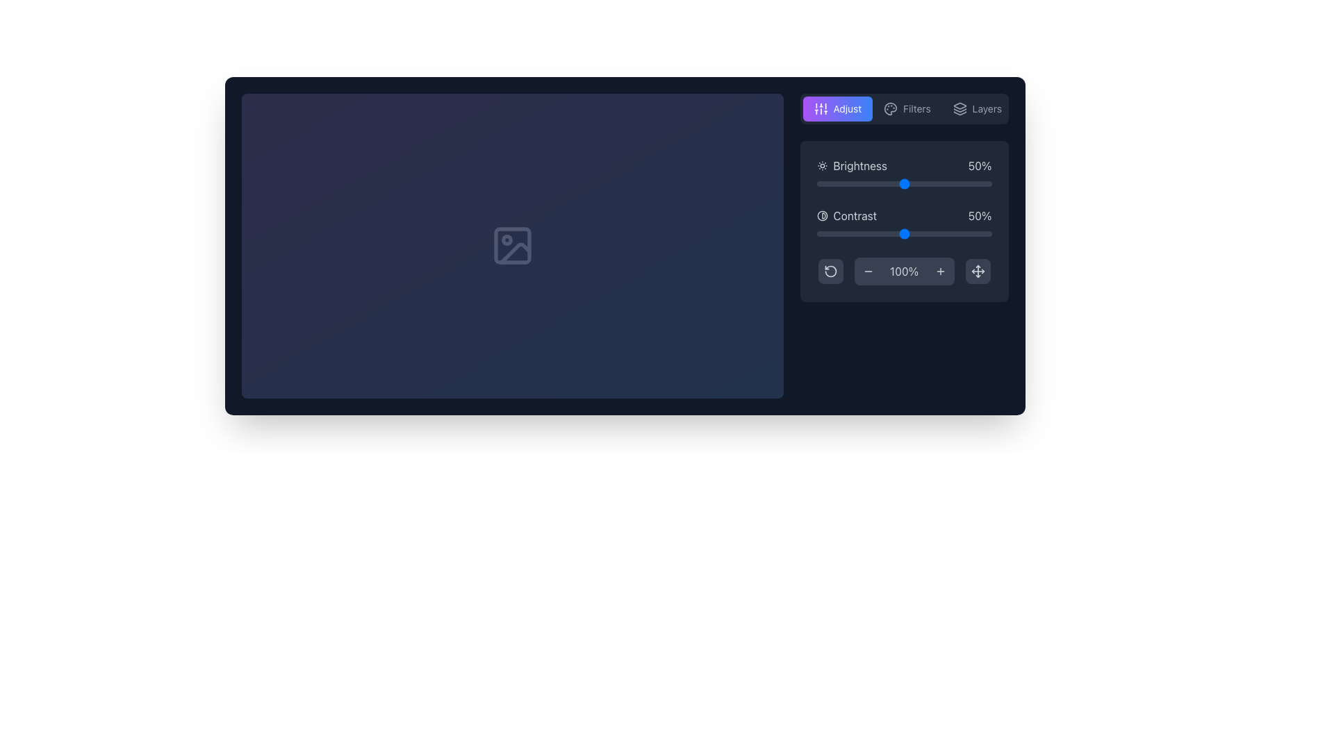 The width and height of the screenshot is (1334, 750). What do you see at coordinates (987, 183) in the screenshot?
I see `the slider value` at bounding box center [987, 183].